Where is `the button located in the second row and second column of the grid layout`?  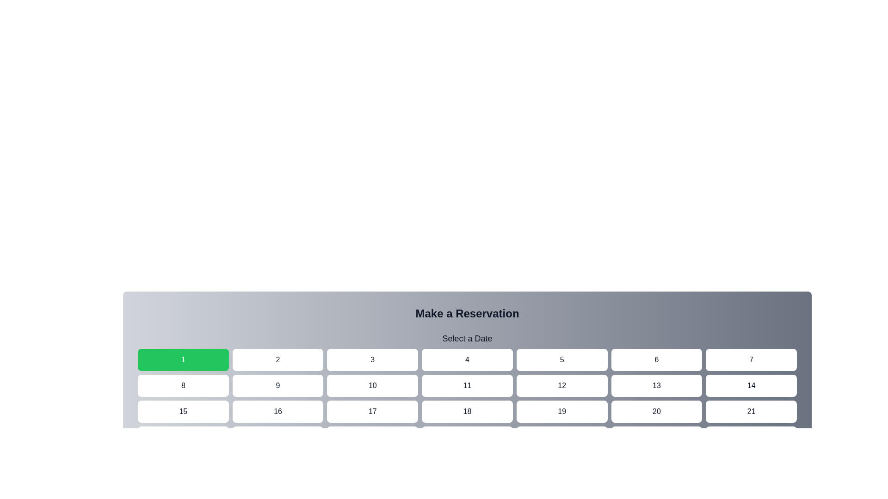 the button located in the second row and second column of the grid layout is located at coordinates (277, 385).